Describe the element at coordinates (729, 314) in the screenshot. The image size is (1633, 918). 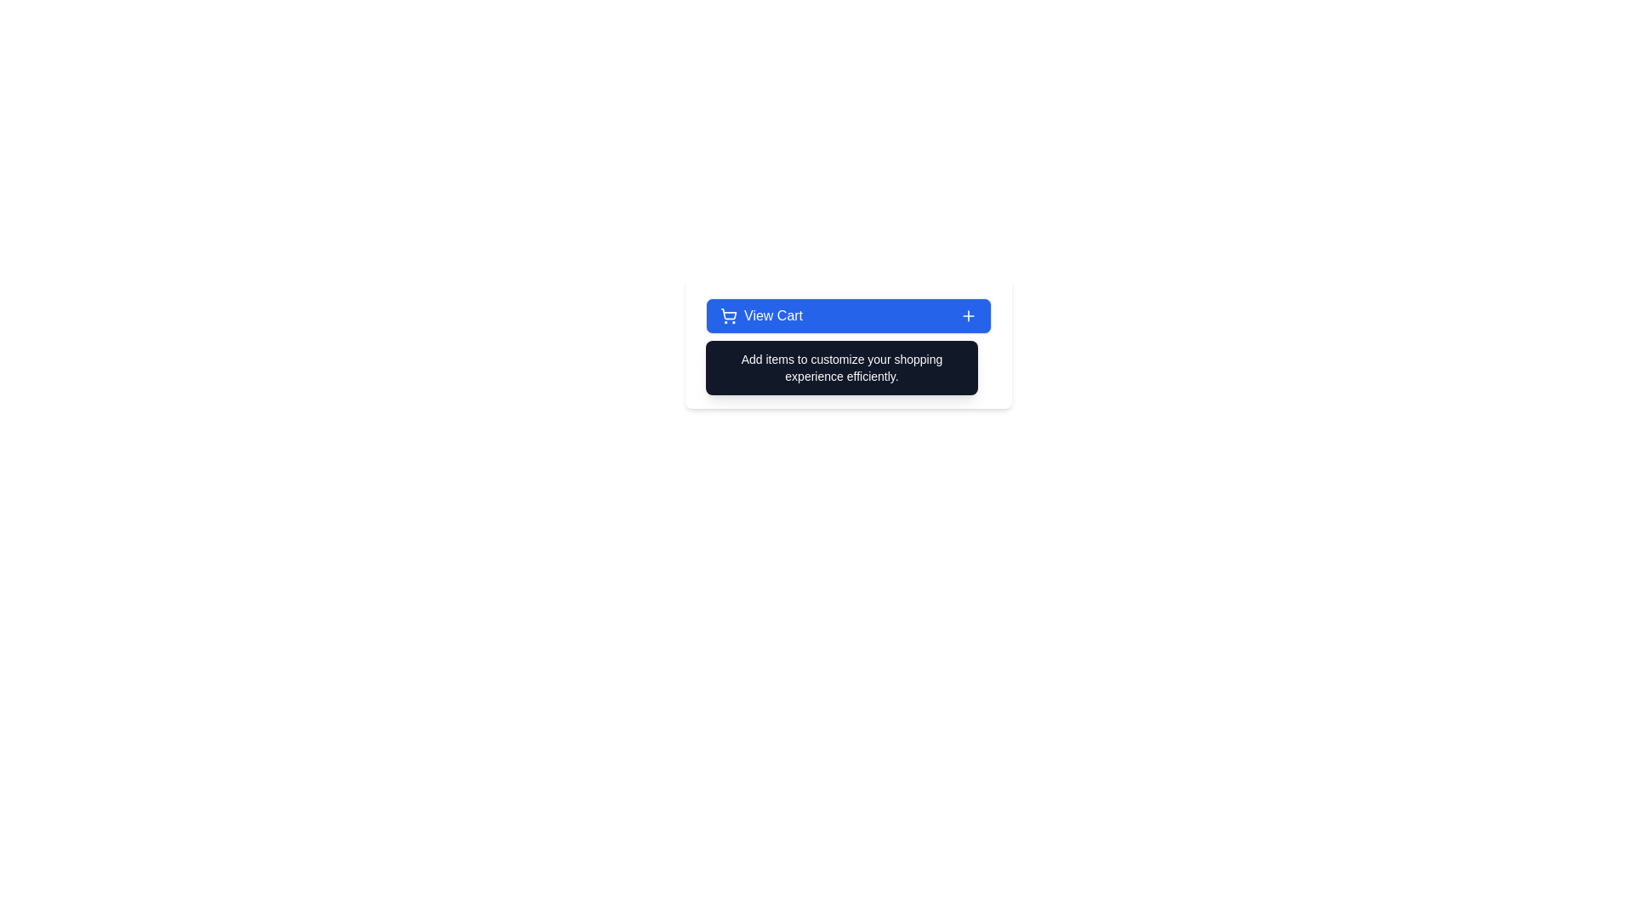
I see `the shopping cart icon, which is centrally located in the compact cart SVG icon near the 'View Cart' button` at that location.